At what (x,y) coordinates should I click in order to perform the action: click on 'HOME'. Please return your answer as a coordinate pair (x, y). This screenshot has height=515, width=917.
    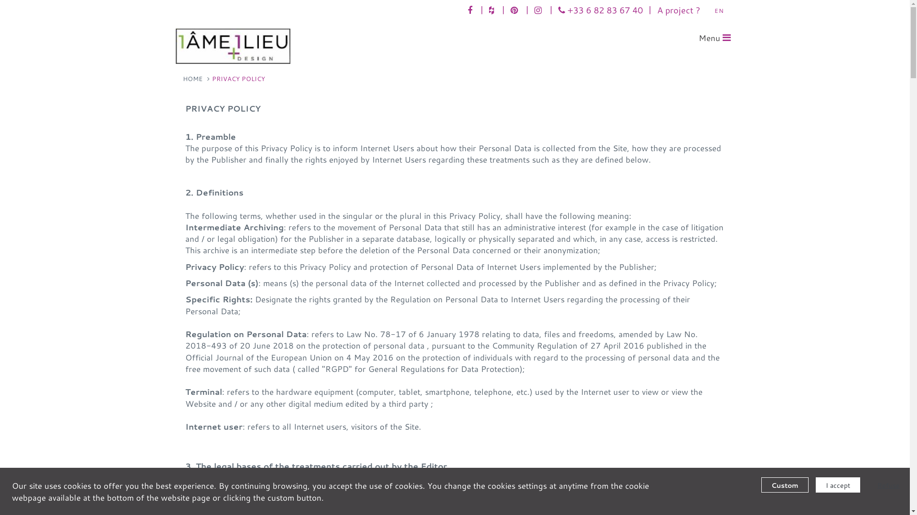
    Looking at the image, I should click on (182, 78).